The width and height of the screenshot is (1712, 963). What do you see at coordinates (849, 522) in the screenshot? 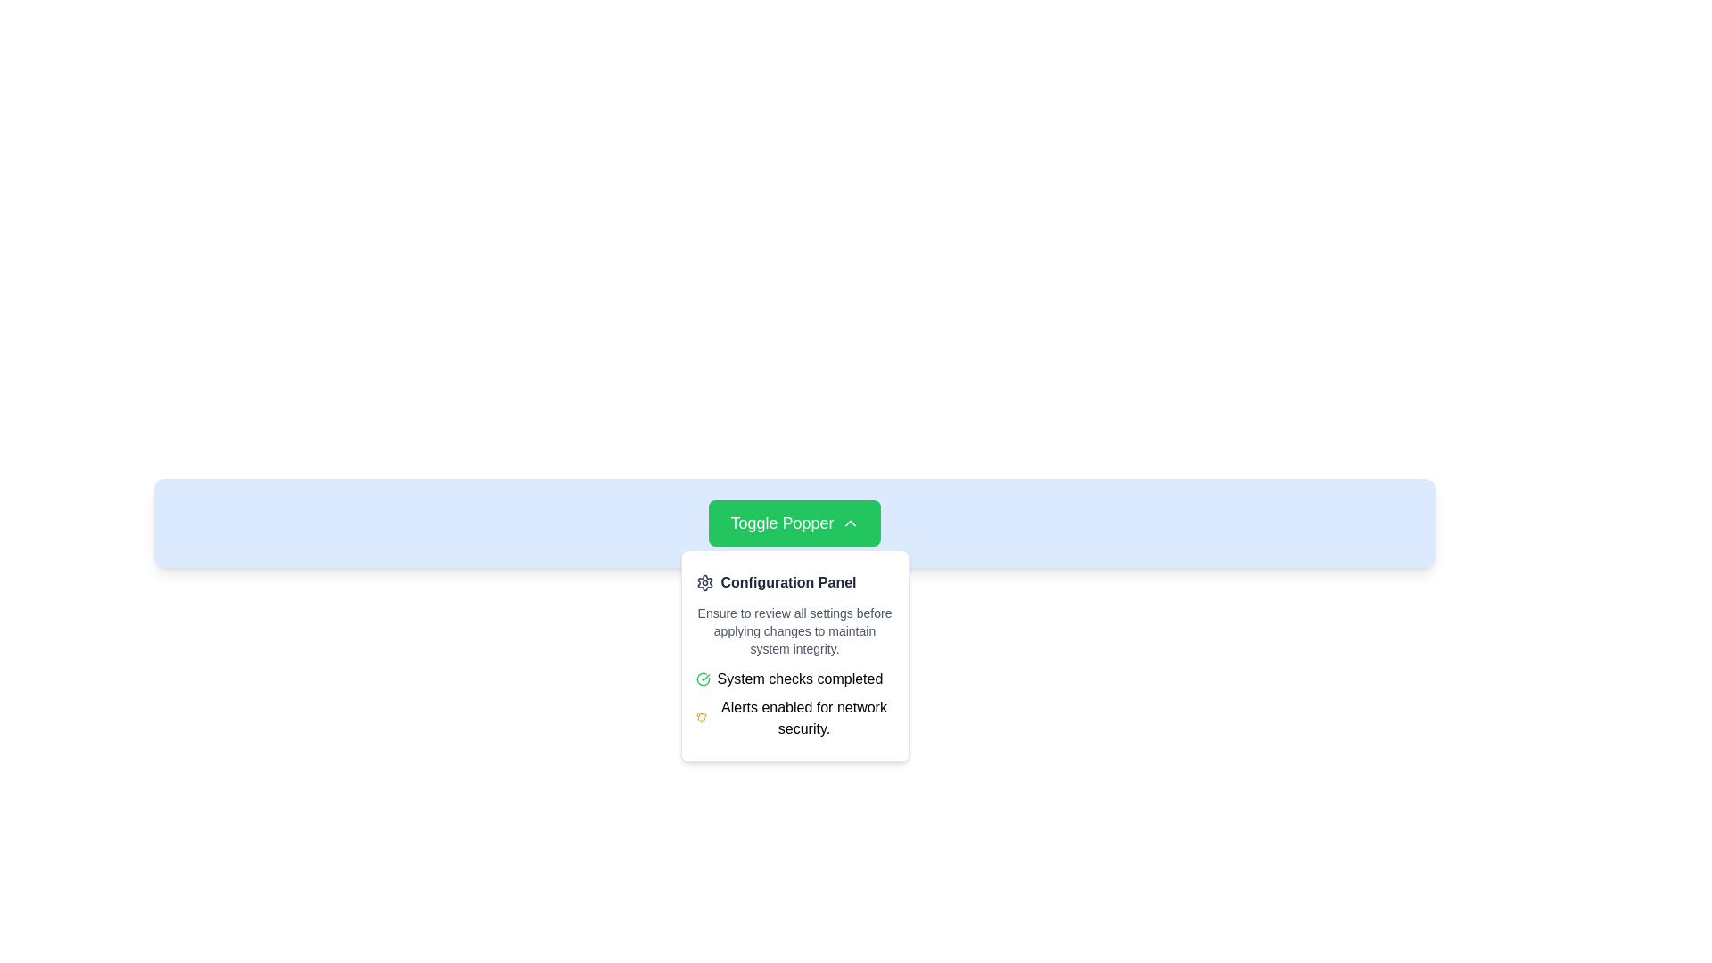
I see `the upward-pointing chevron icon within the 'Toggle Popper' button, which is characterized by a white stroke against a green background` at bounding box center [849, 522].